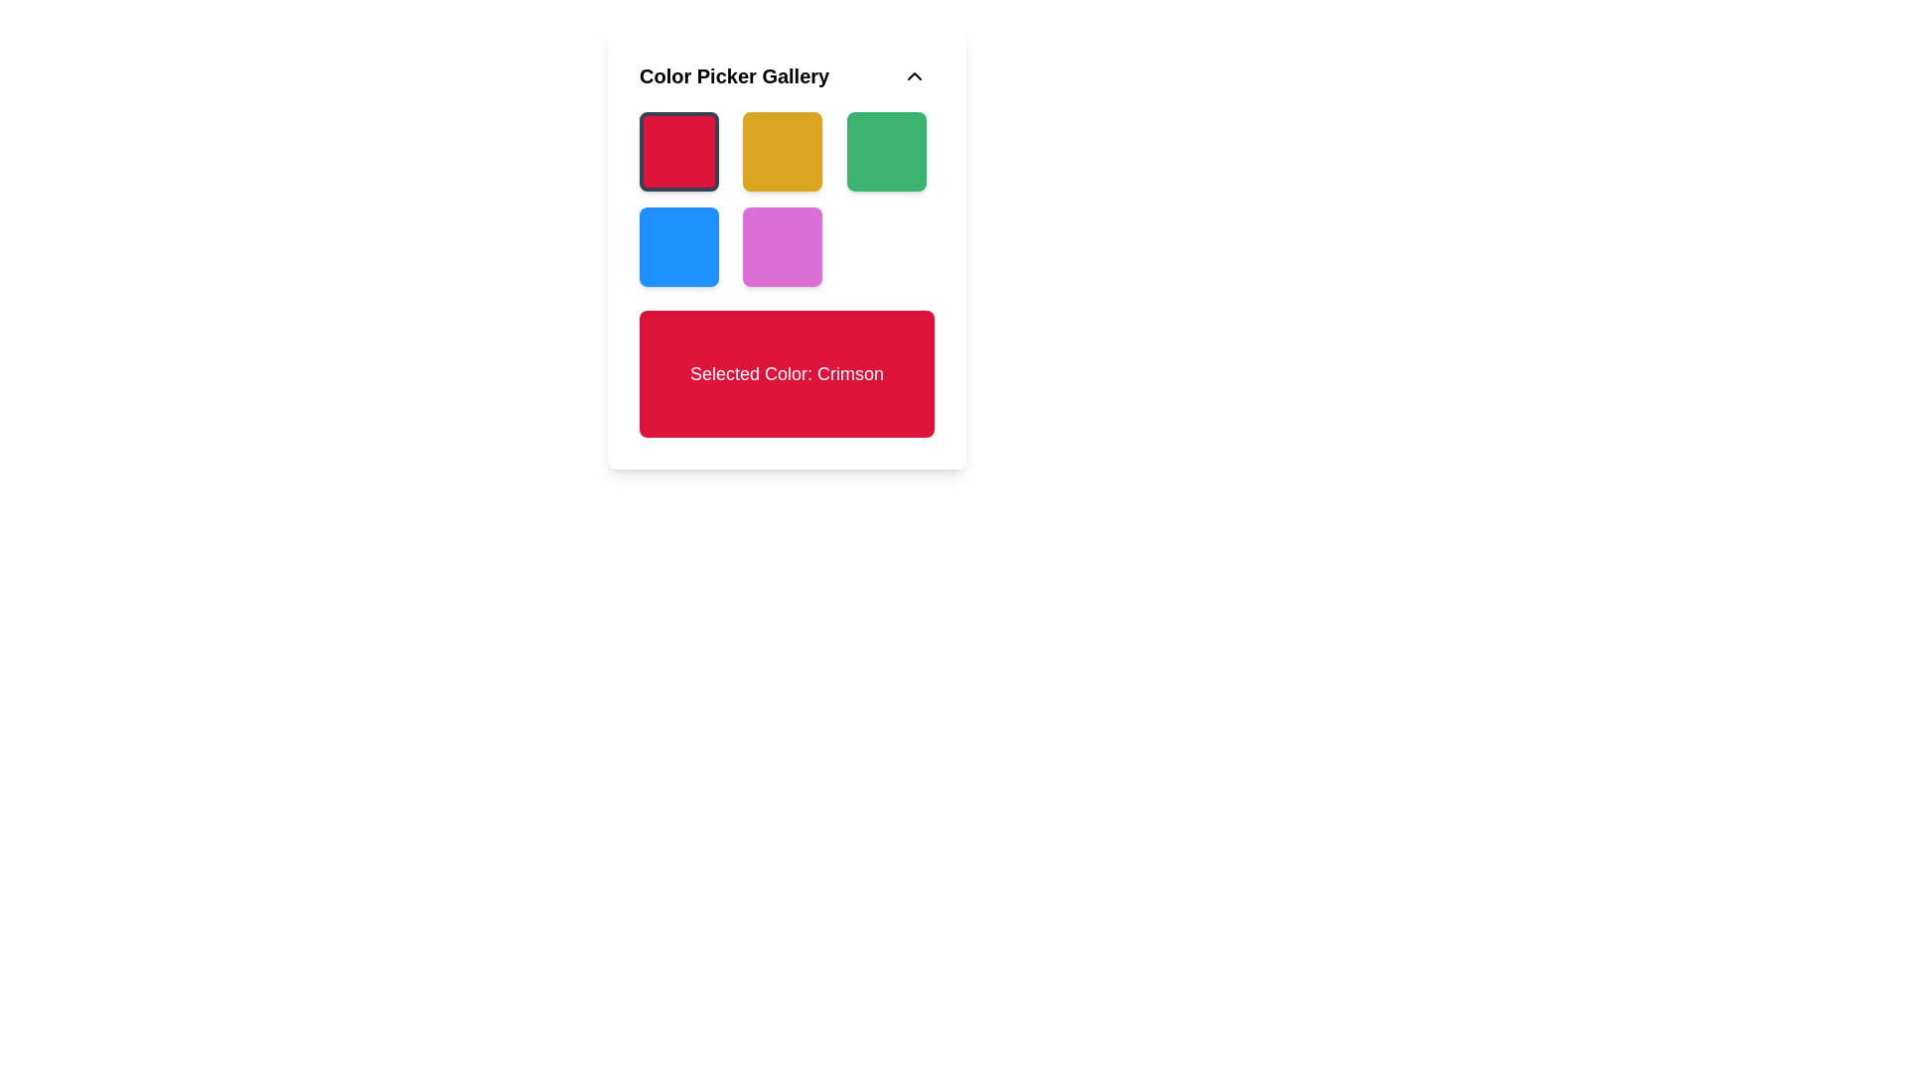 This screenshot has height=1072, width=1907. What do you see at coordinates (782, 246) in the screenshot?
I see `the 'Orchid' color selection button located in the second row and second column of the 3x2 grid` at bounding box center [782, 246].